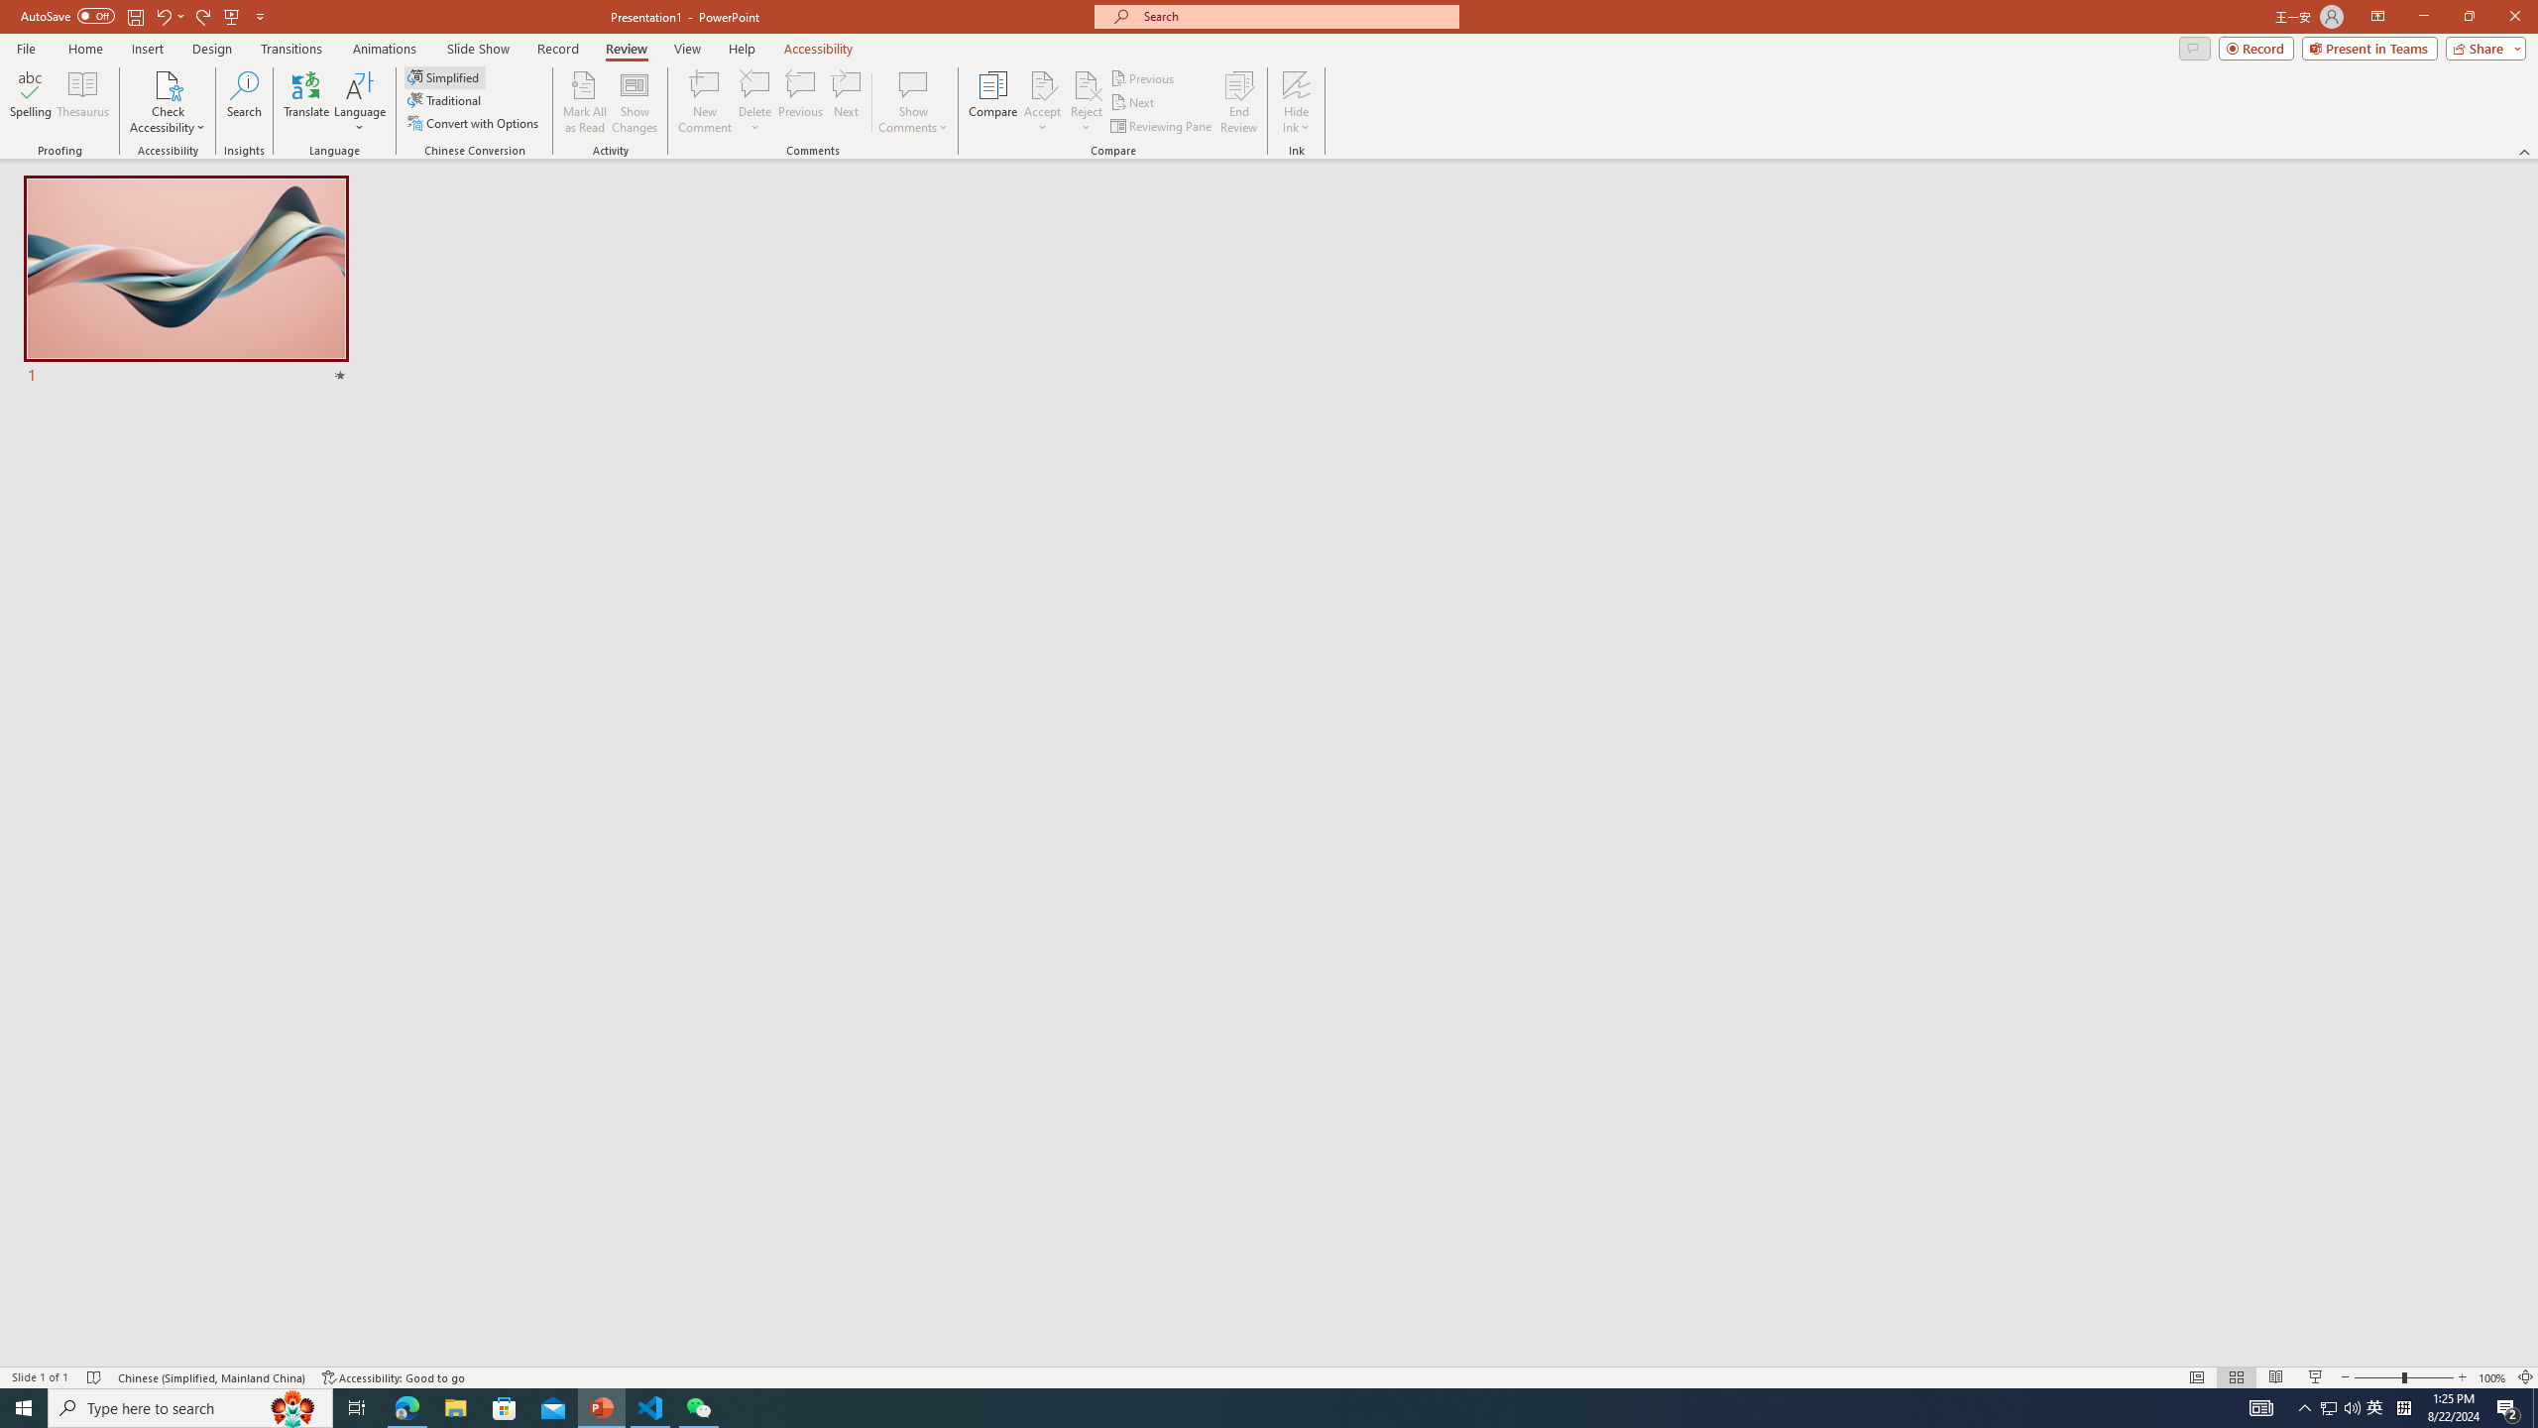 The width and height of the screenshot is (2538, 1428). What do you see at coordinates (1161, 126) in the screenshot?
I see `'Reviewing Pane'` at bounding box center [1161, 126].